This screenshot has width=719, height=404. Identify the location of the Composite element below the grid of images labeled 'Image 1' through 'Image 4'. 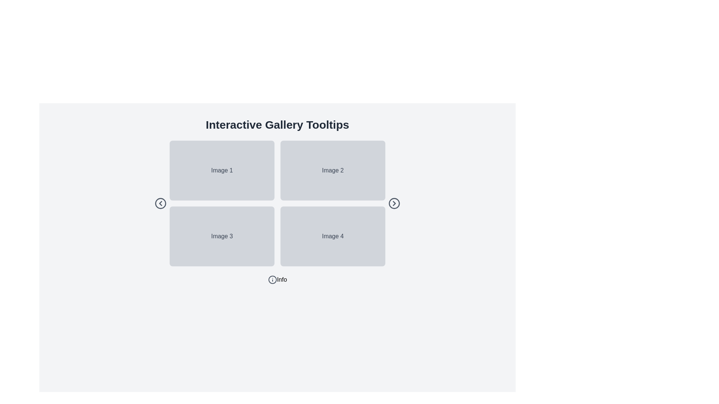
(277, 280).